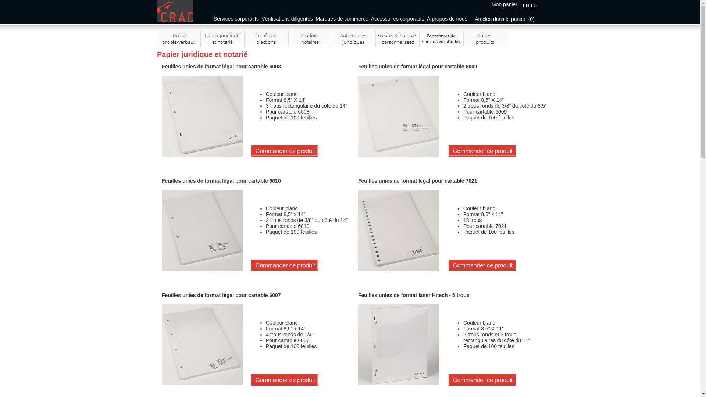  What do you see at coordinates (534, 6) in the screenshot?
I see `'FR'` at bounding box center [534, 6].